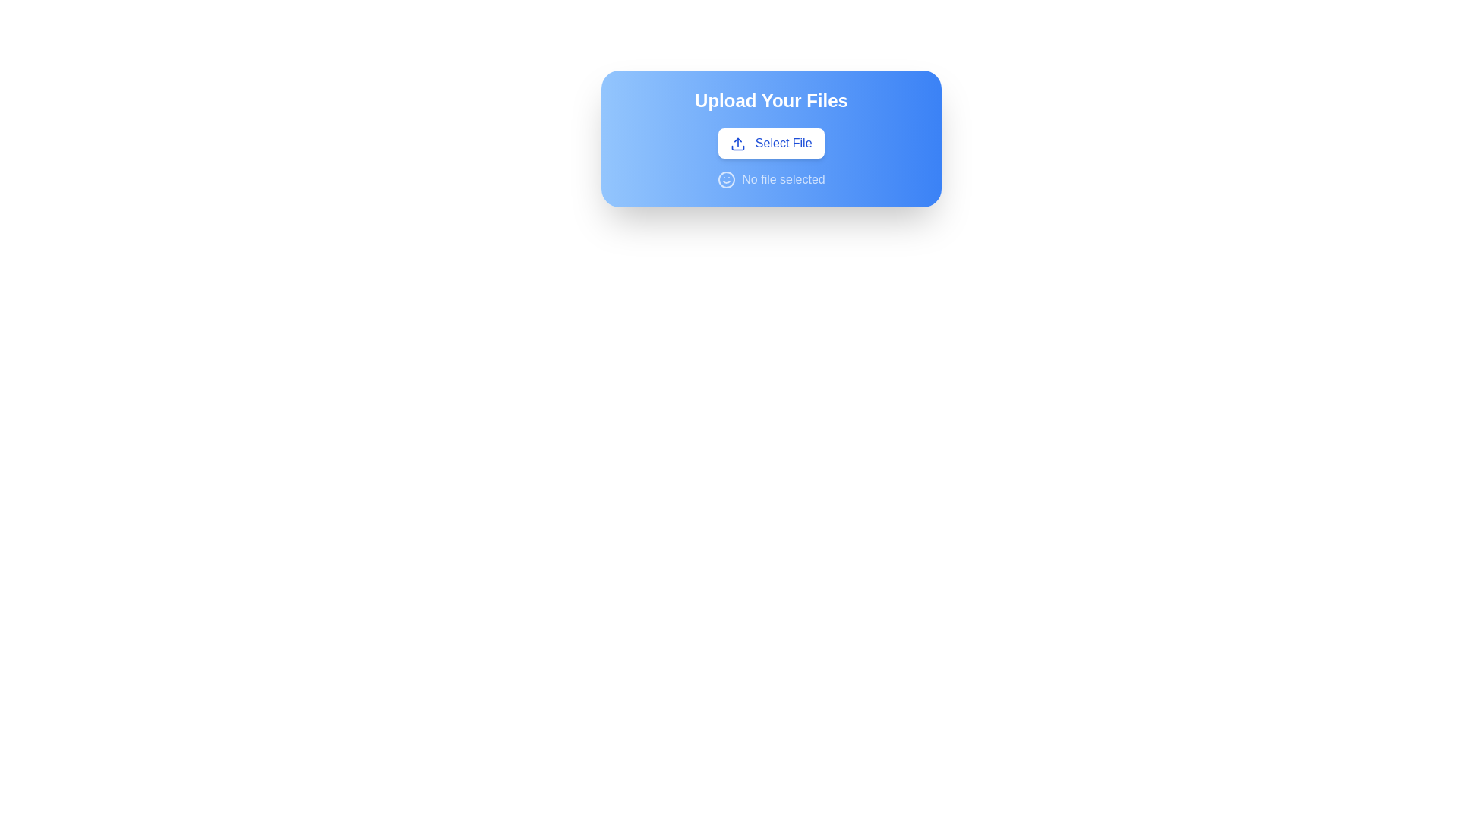 Image resolution: width=1458 pixels, height=820 pixels. Describe the element at coordinates (738, 143) in the screenshot. I see `the upload icon located at the leftmost area of the 'Select File' button, which visually indicates the upload functionality` at that location.